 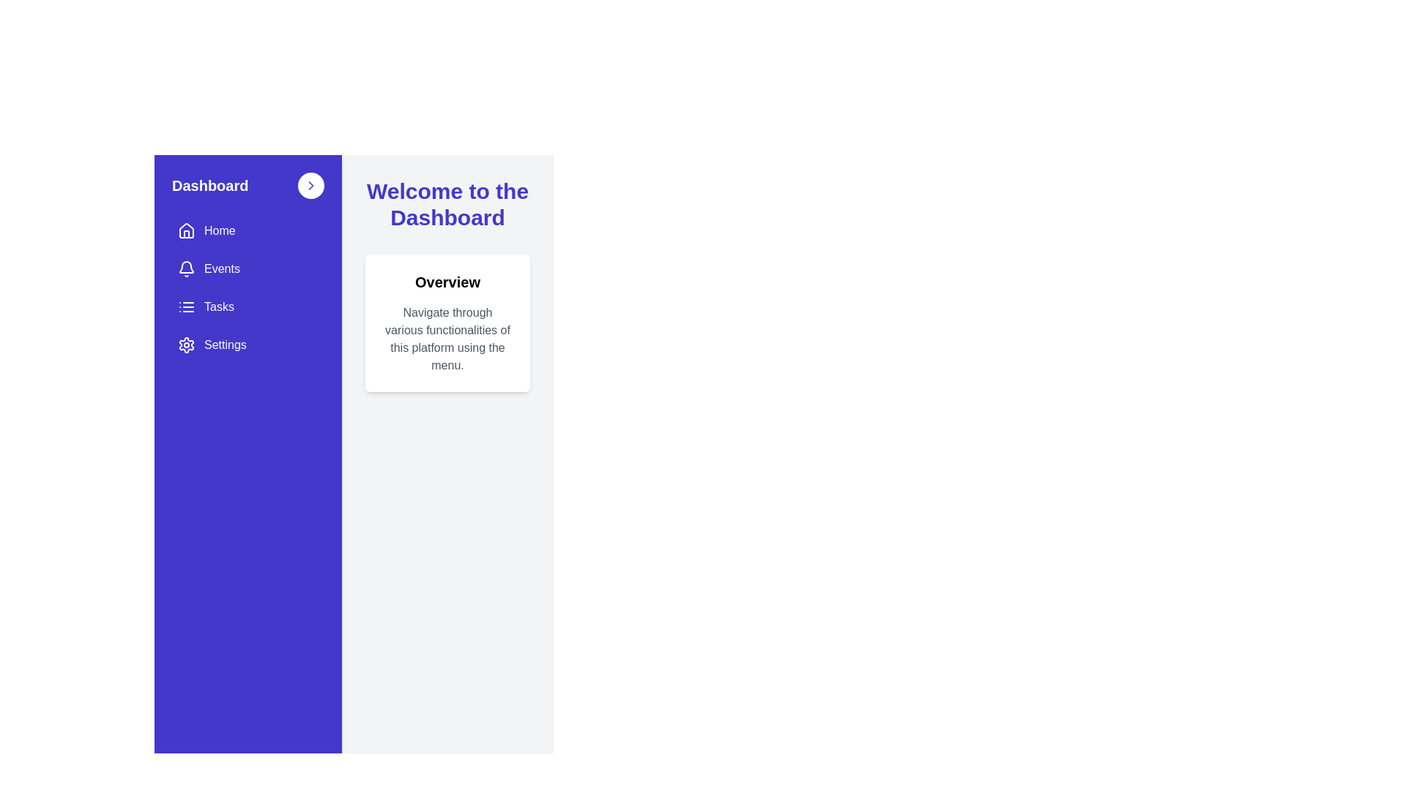 I want to click on the decorative icon associated with the 'Tasks' menu item located in the vertical sidebar on the left side of the layout, so click(x=185, y=306).